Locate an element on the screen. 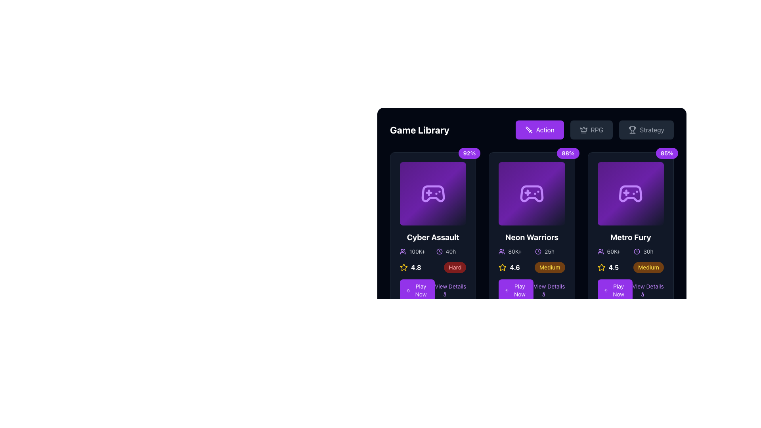  the static label indicating the difficulty level located in the bottom section of the third card, adjacent to the rating value is located at coordinates (648, 267).